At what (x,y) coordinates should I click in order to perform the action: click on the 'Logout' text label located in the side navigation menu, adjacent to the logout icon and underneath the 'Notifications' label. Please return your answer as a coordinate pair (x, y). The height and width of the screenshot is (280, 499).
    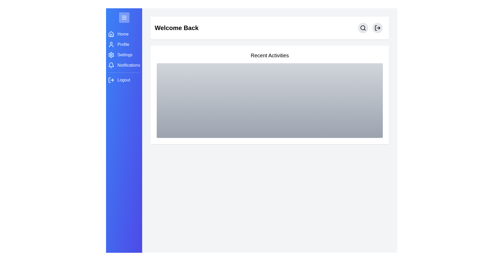
    Looking at the image, I should click on (123, 80).